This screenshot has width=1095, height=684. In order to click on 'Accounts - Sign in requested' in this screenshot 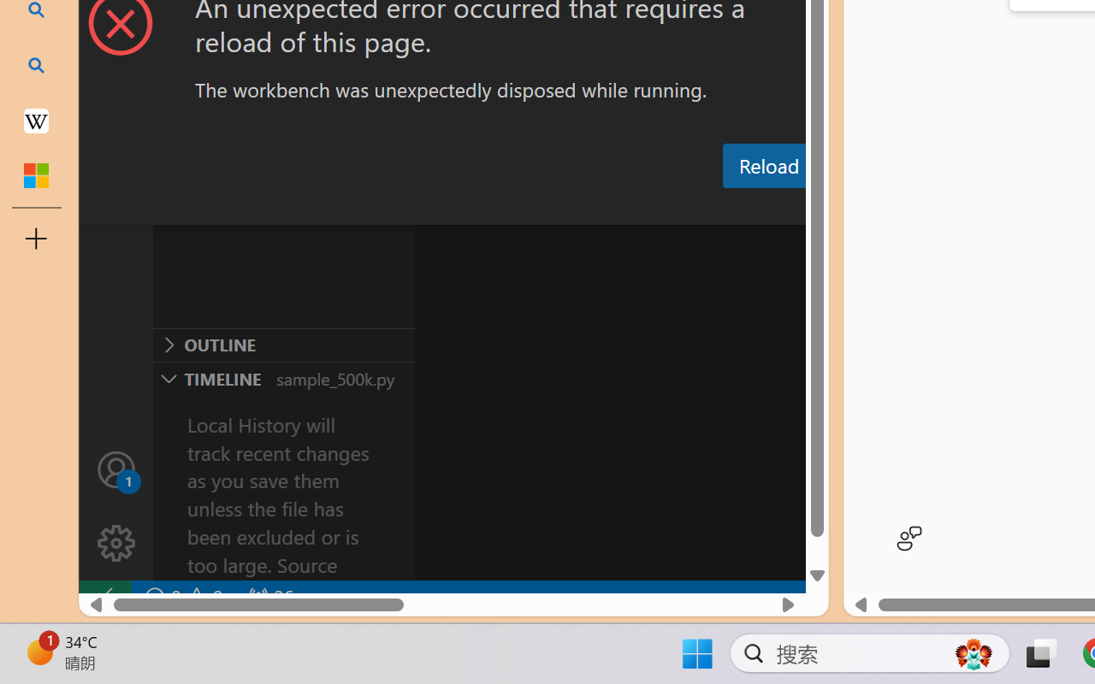, I will do `click(115, 469)`.